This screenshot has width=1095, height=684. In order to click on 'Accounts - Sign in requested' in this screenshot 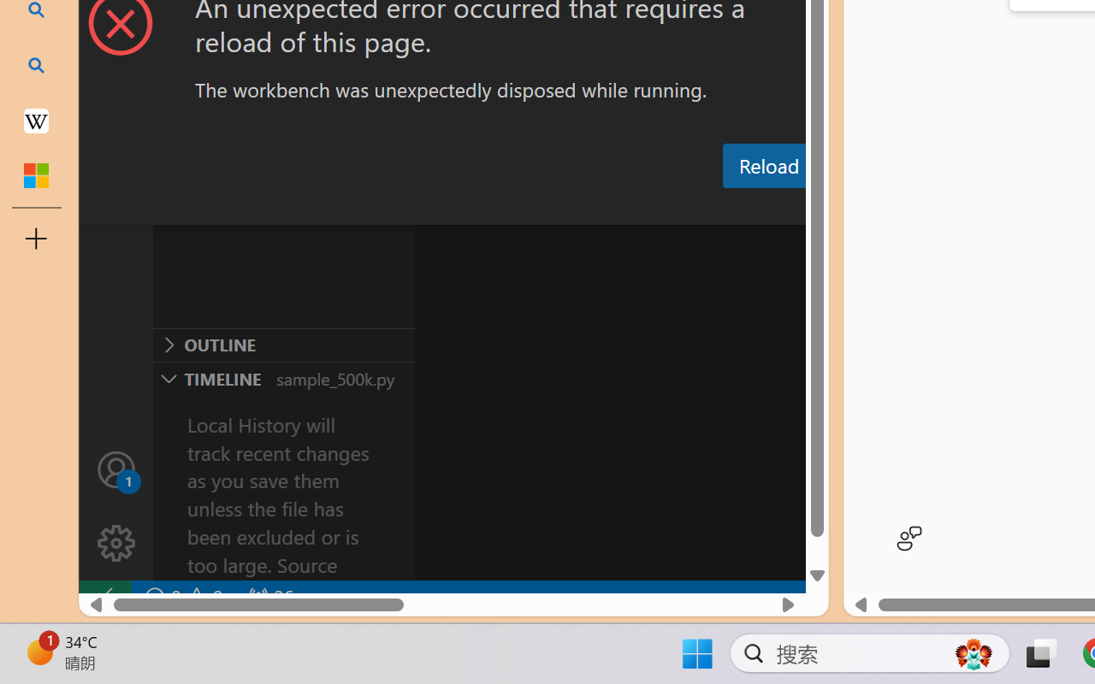, I will do `click(115, 469)`.